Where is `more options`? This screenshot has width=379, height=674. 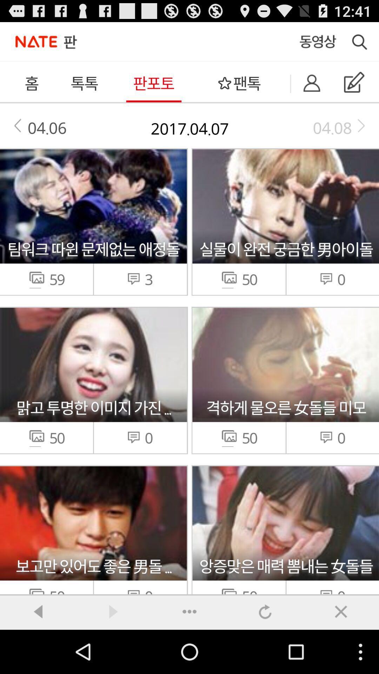 more options is located at coordinates (189, 611).